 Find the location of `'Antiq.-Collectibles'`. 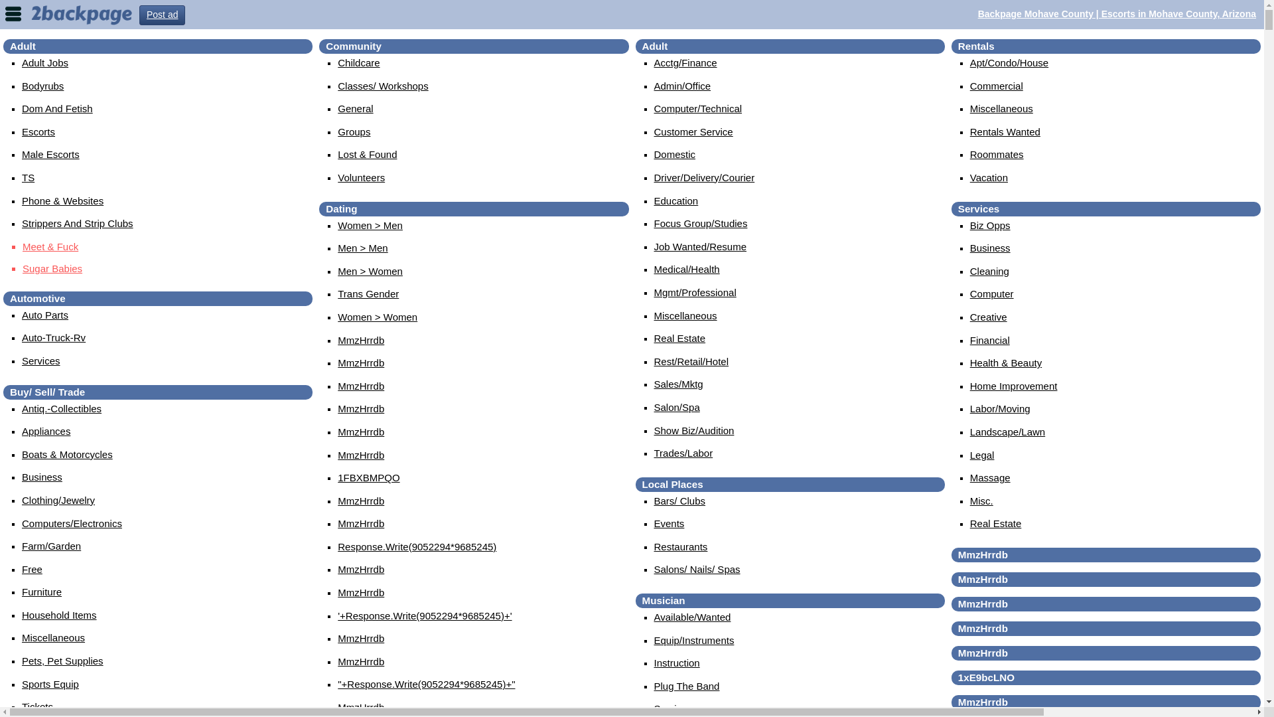

'Antiq.-Collectibles' is located at coordinates (60, 408).